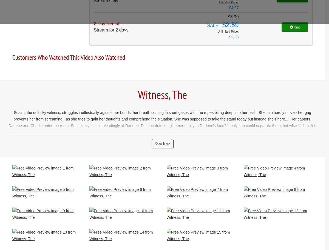  I want to click on 'Rent', so click(296, 27).